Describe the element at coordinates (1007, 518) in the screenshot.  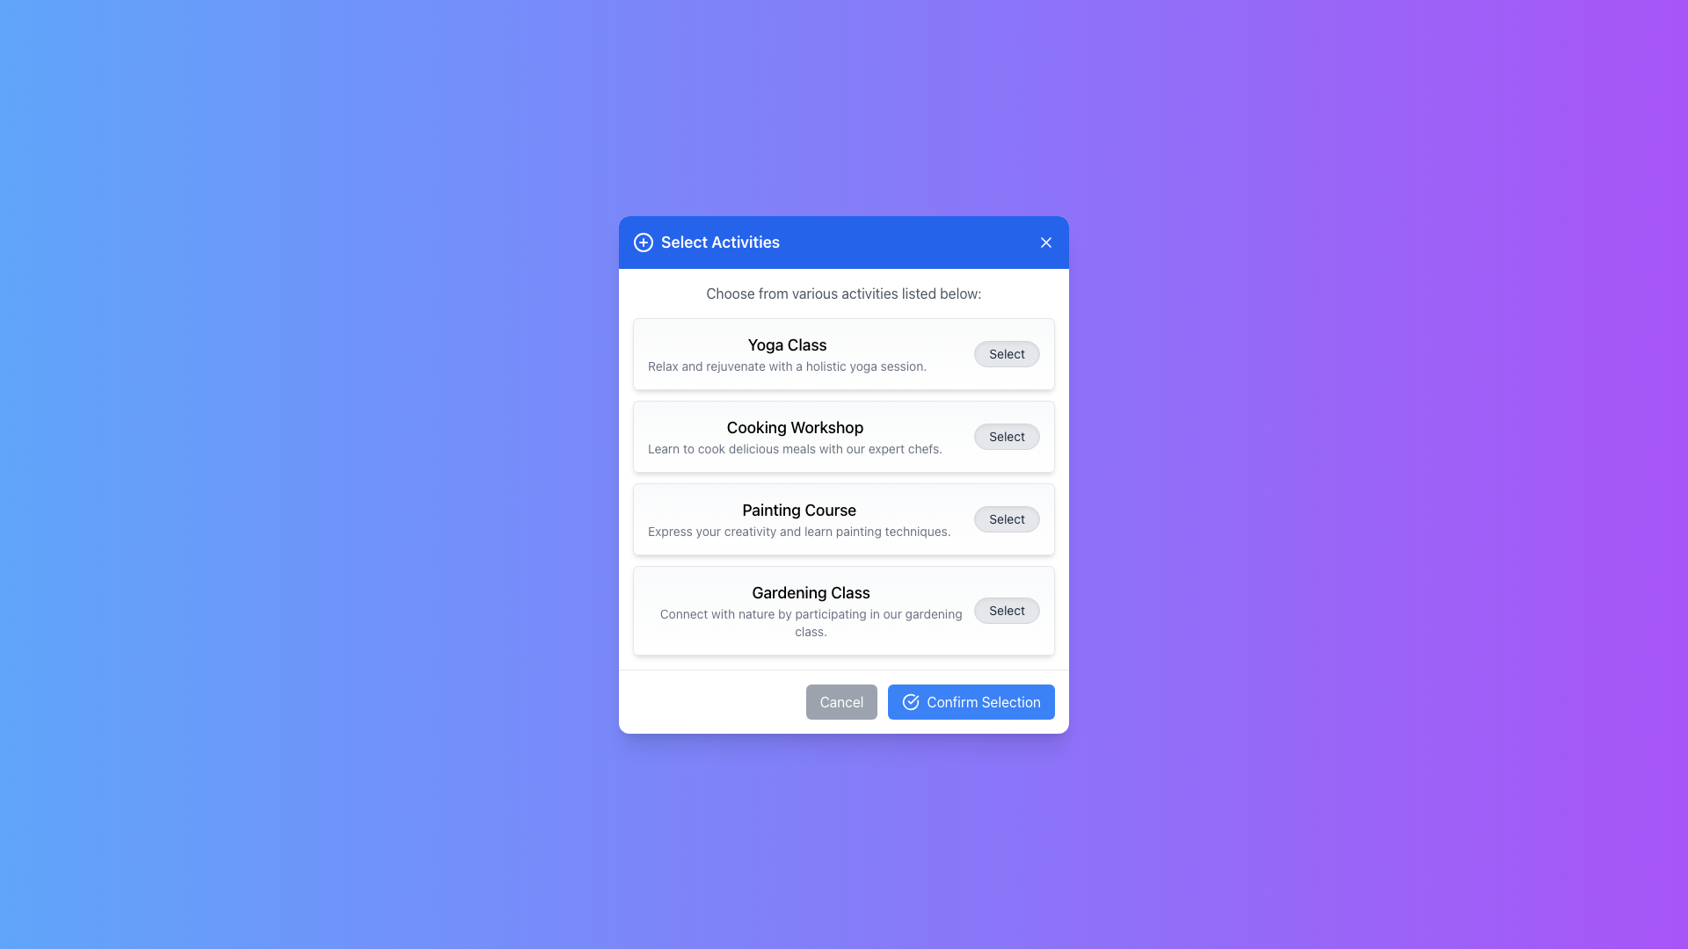
I see `the 'Painting Course' button` at that location.